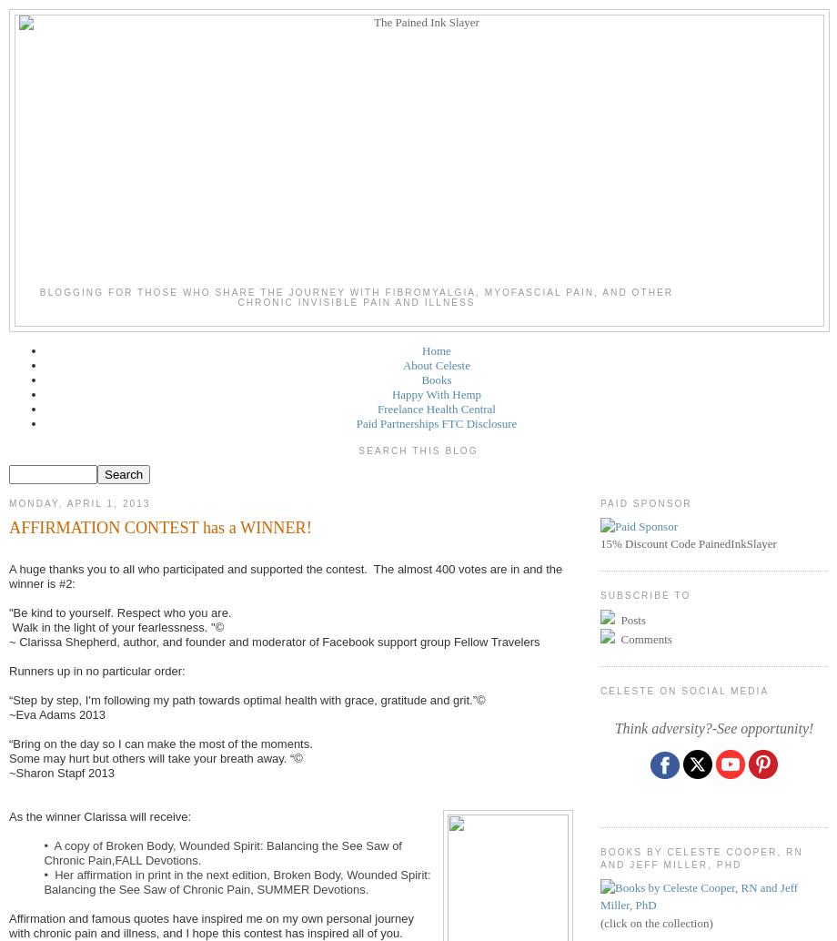 Image resolution: width=837 pixels, height=941 pixels. What do you see at coordinates (436, 364) in the screenshot?
I see `'About Celeste'` at bounding box center [436, 364].